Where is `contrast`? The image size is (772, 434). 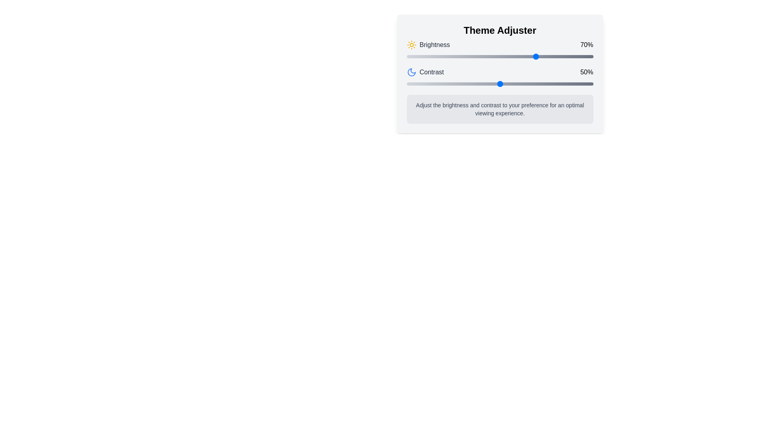
contrast is located at coordinates (535, 84).